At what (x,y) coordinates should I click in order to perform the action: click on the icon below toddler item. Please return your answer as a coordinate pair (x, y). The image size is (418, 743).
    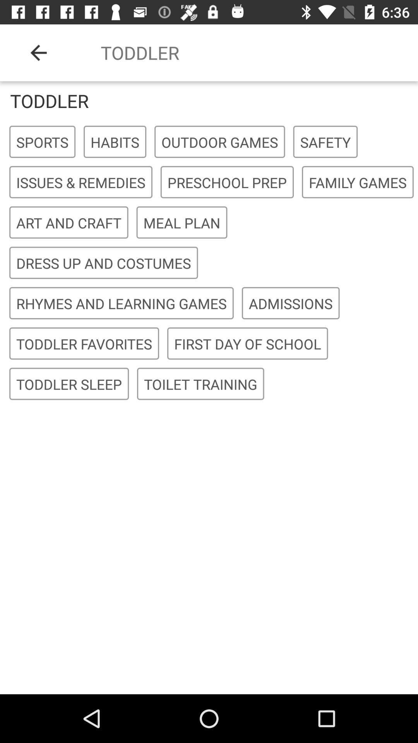
    Looking at the image, I should click on (42, 142).